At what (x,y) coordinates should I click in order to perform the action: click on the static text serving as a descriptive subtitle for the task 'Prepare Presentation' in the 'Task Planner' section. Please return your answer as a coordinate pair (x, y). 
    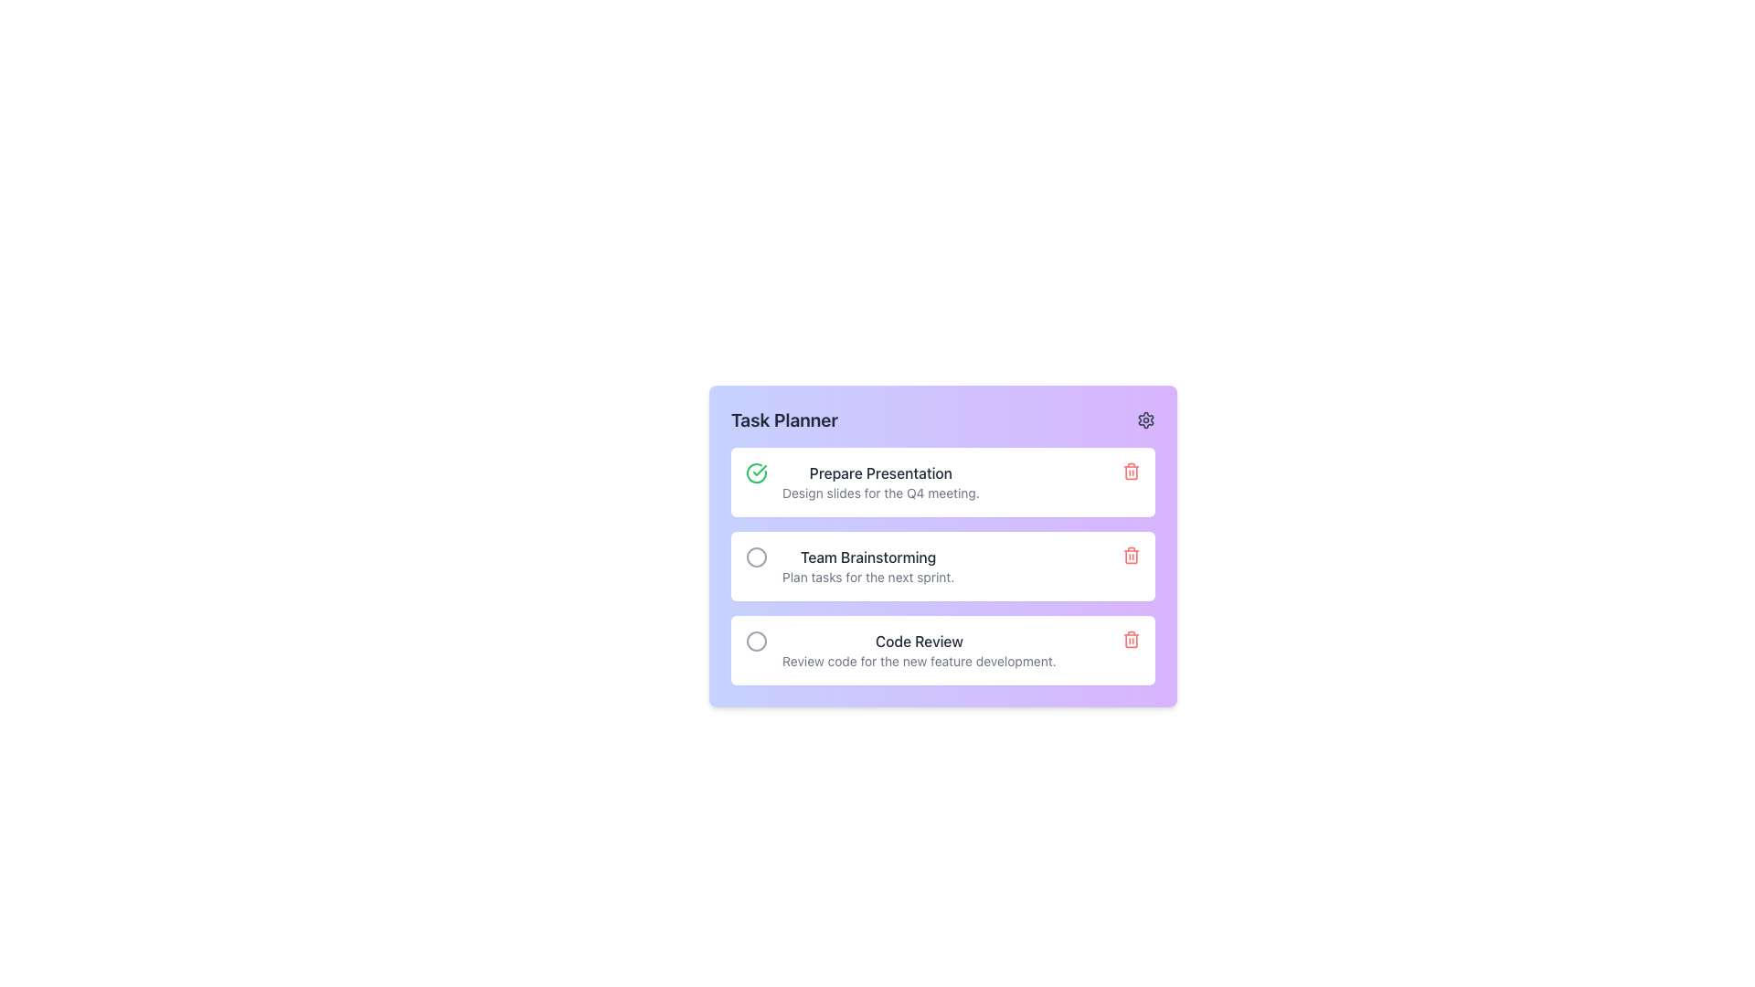
    Looking at the image, I should click on (880, 493).